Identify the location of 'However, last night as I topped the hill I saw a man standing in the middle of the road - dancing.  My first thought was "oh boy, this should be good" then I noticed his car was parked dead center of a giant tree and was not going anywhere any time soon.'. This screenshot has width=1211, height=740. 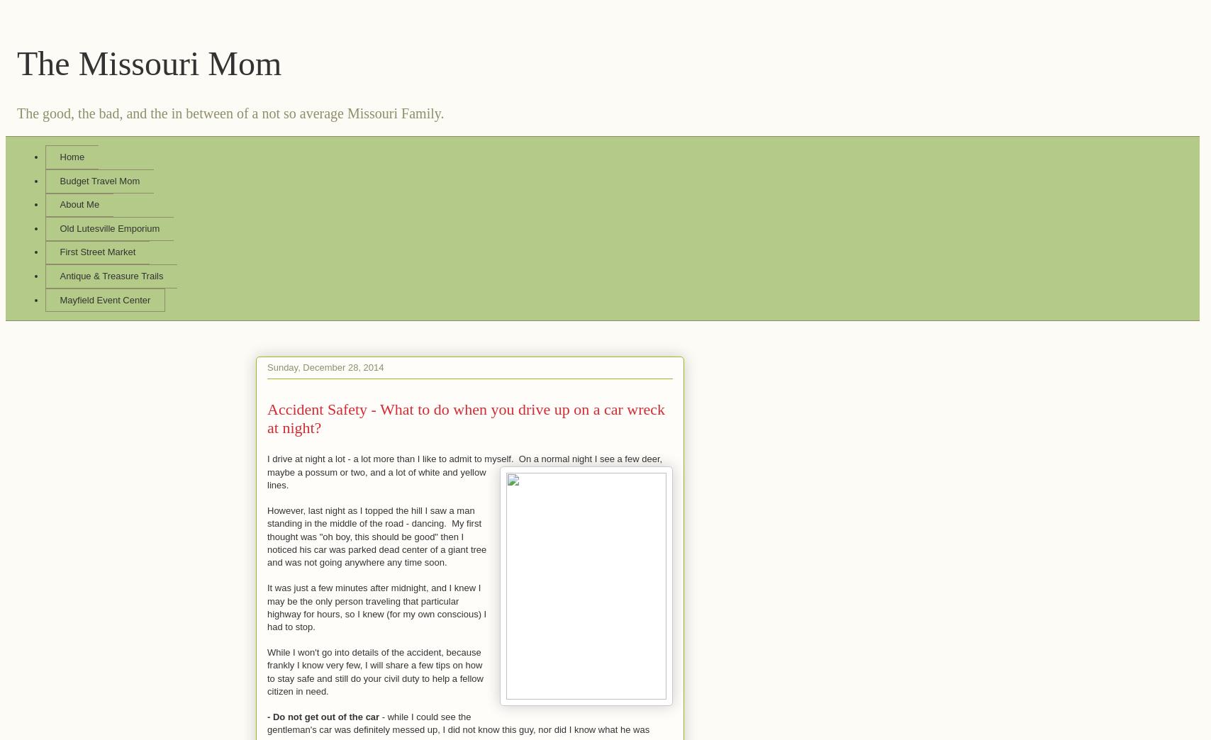
(376, 536).